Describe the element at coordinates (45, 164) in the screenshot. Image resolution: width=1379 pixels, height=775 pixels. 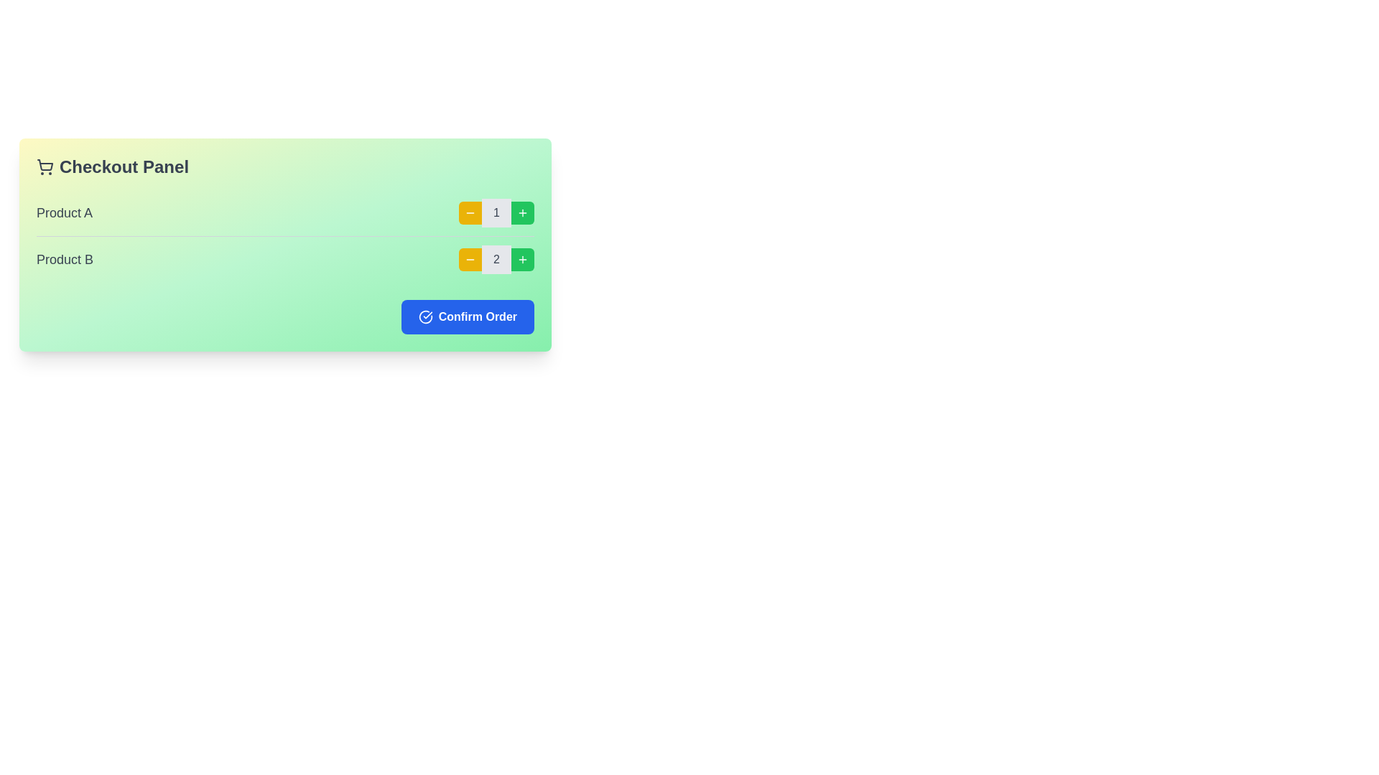
I see `the shopping cart icon, which is a simplistic line-based representation located near the top-left corner of the interface` at that location.